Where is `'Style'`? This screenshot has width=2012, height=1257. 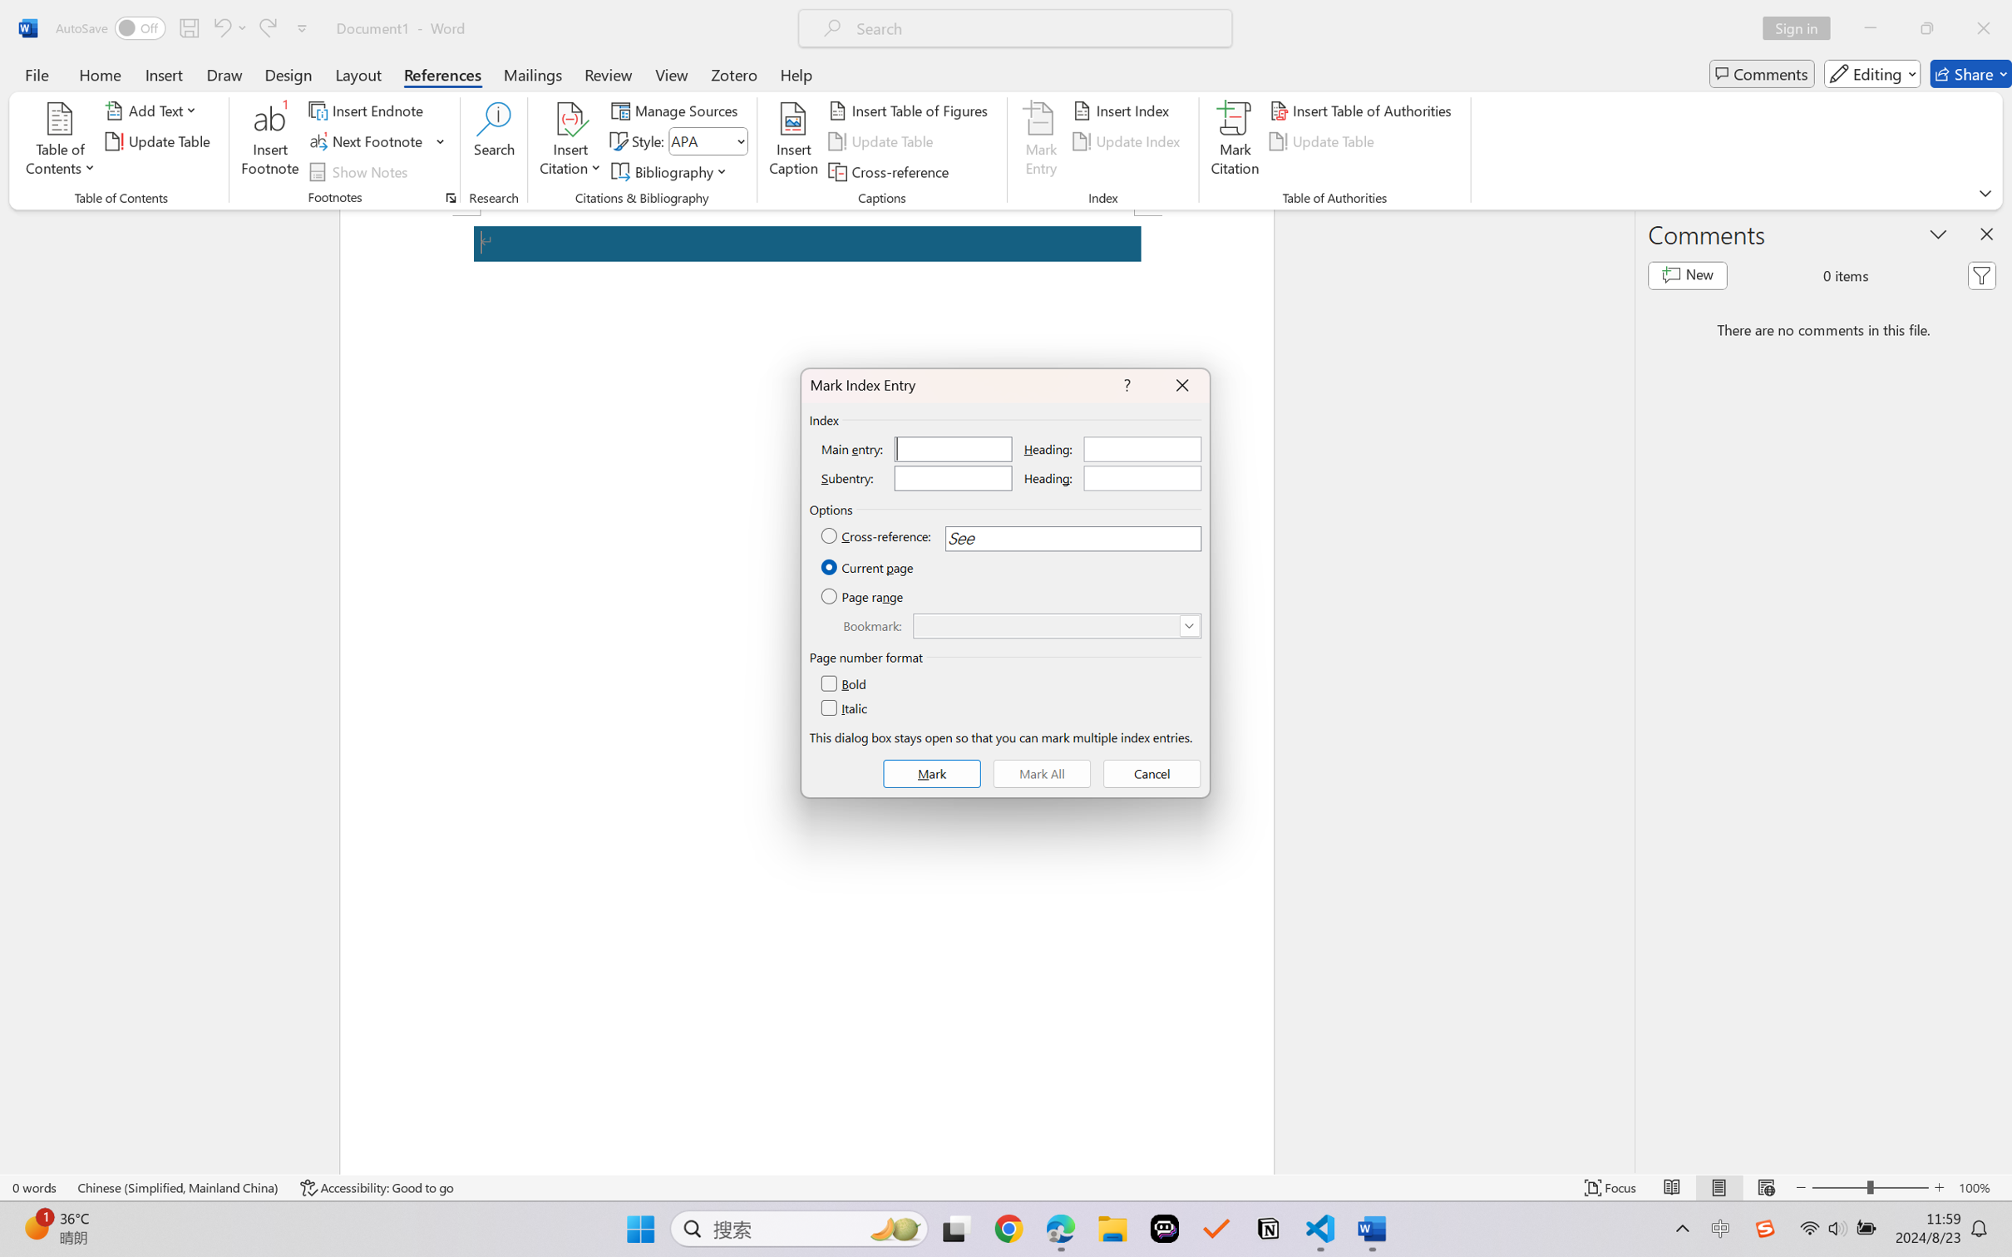 'Style' is located at coordinates (701, 140).